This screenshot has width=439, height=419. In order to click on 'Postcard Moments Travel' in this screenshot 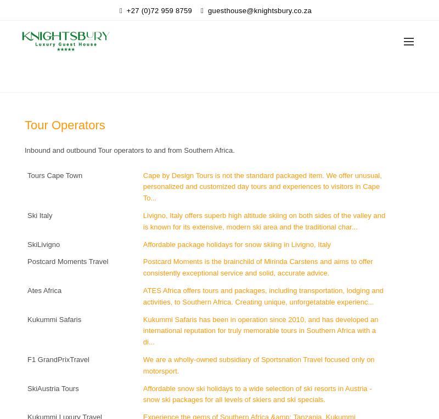, I will do `click(67, 261)`.